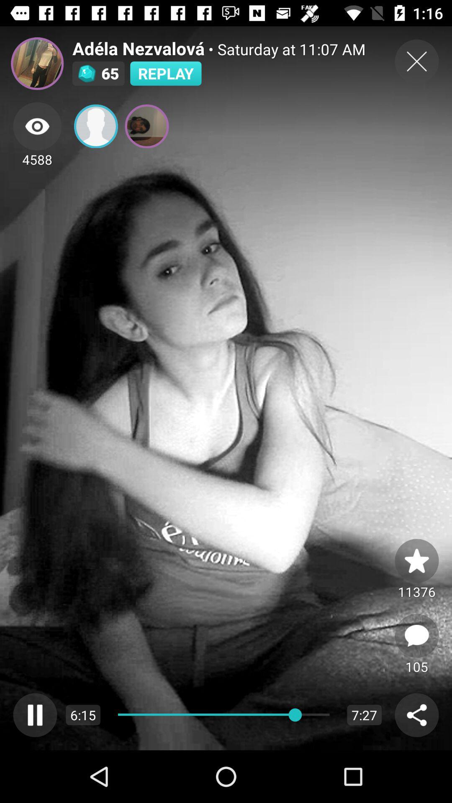 The width and height of the screenshot is (452, 803). Describe the element at coordinates (416, 61) in the screenshot. I see `window` at that location.